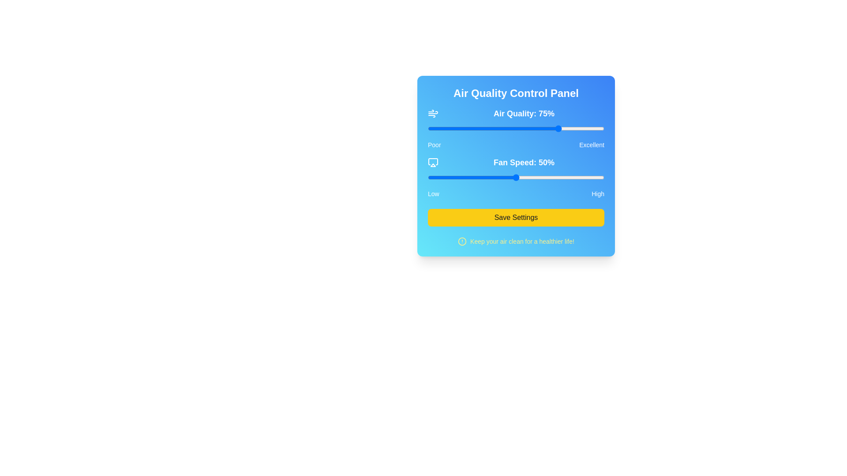  Describe the element at coordinates (592, 144) in the screenshot. I see `the static text label displaying 'Excellent', which is located at the far-right end of the 'Fan Speed: 50%' slider interface` at that location.